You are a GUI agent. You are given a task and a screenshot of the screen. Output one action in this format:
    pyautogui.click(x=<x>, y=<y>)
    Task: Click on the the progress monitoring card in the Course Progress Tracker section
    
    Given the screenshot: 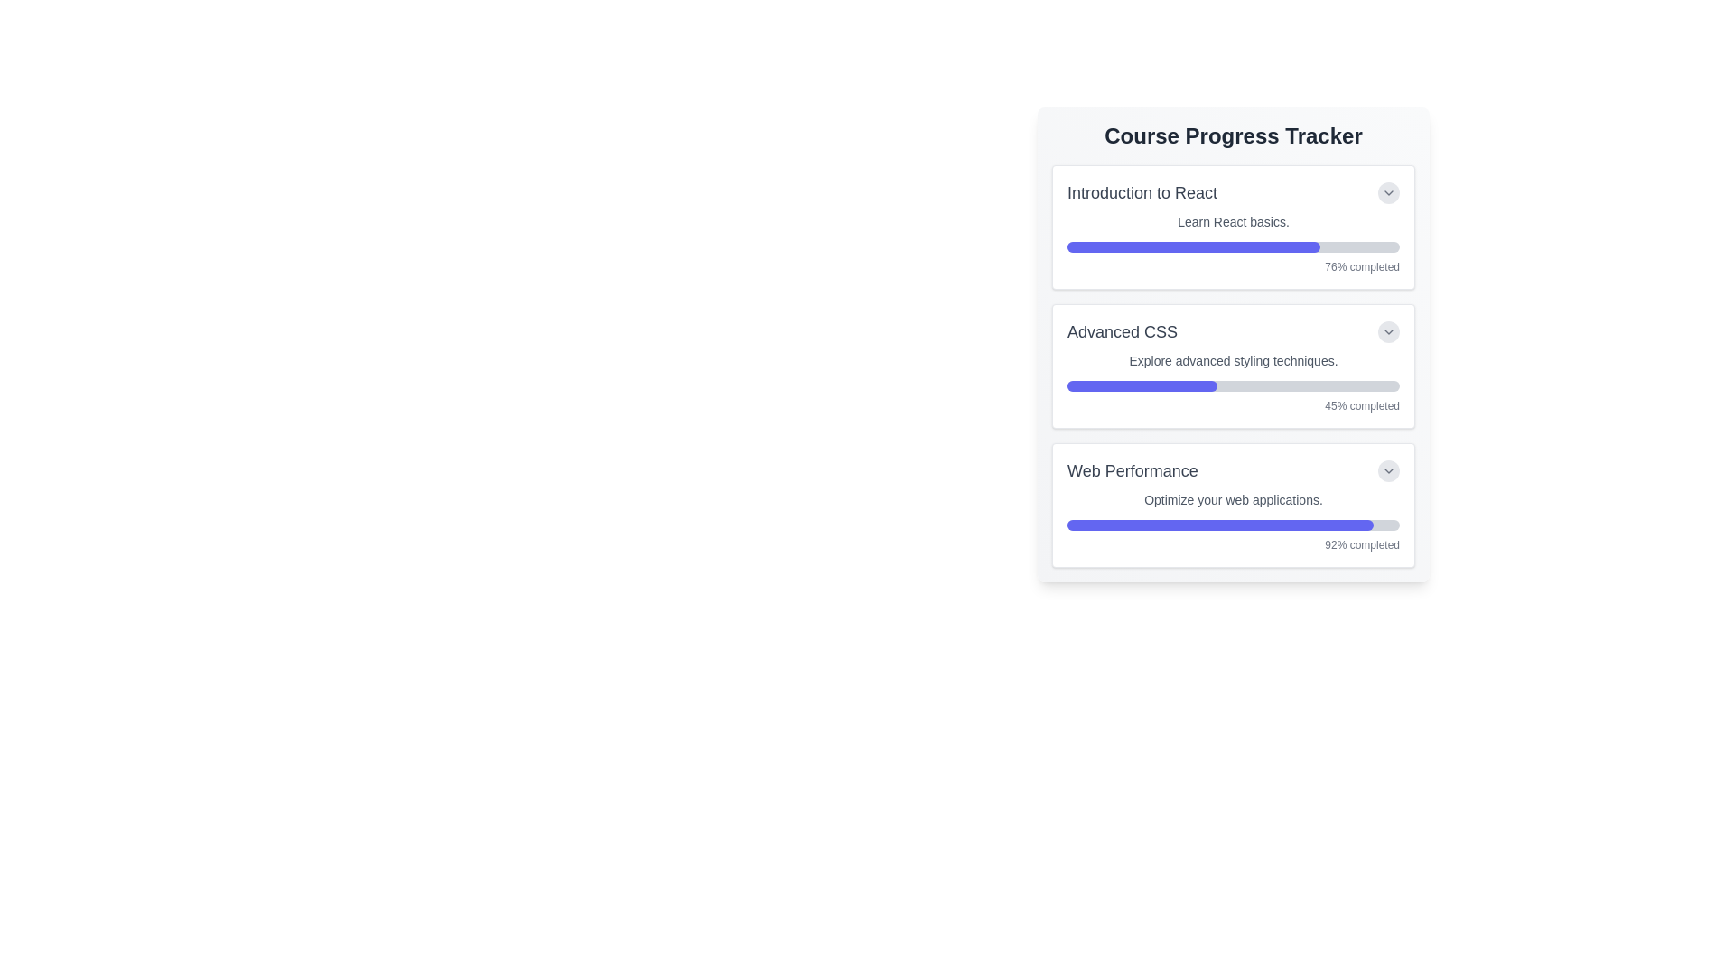 What is the action you would take?
    pyautogui.click(x=1233, y=366)
    